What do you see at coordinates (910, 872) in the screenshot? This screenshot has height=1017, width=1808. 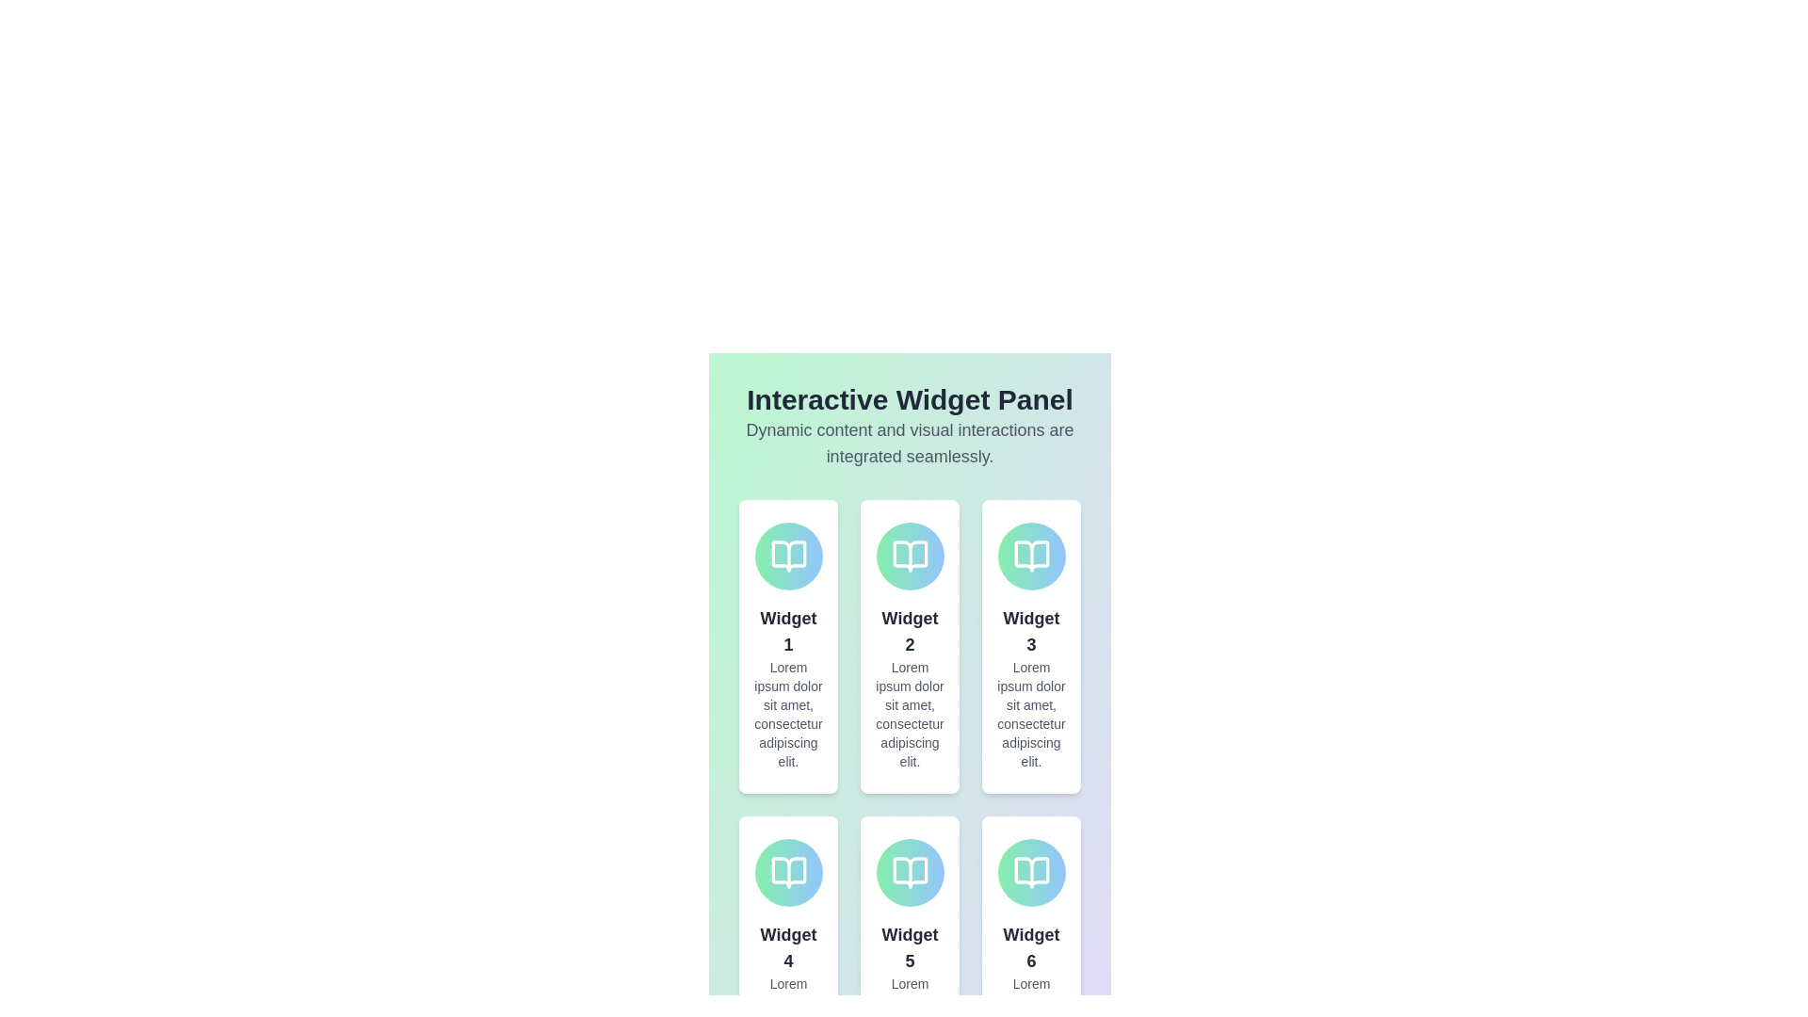 I see `the circular graphical icon with a gradient background and an open book icon, located in the center column of the second row, above the text 'Widget 5'` at bounding box center [910, 872].